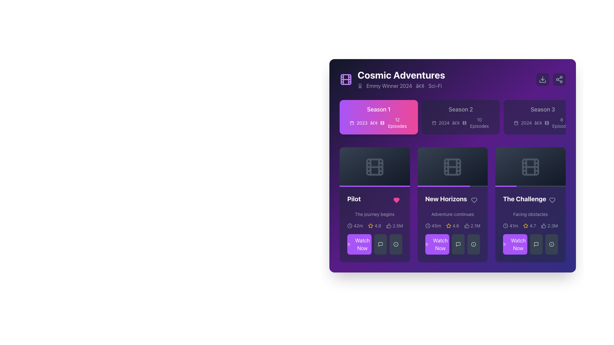 The width and height of the screenshot is (614, 345). What do you see at coordinates (434, 123) in the screenshot?
I see `square calendar icon with rounded corners, located to the left of the text '2024' in the header row for season information, to gather details about its features` at bounding box center [434, 123].